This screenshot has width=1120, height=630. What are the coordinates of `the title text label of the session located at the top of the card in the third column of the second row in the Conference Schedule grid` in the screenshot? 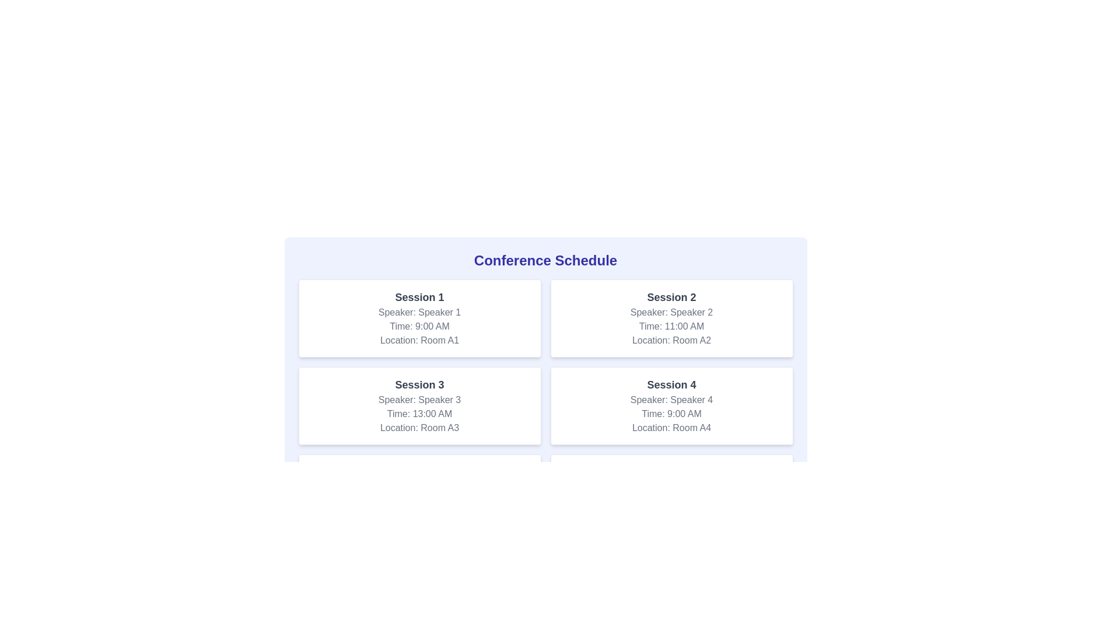 It's located at (419, 384).